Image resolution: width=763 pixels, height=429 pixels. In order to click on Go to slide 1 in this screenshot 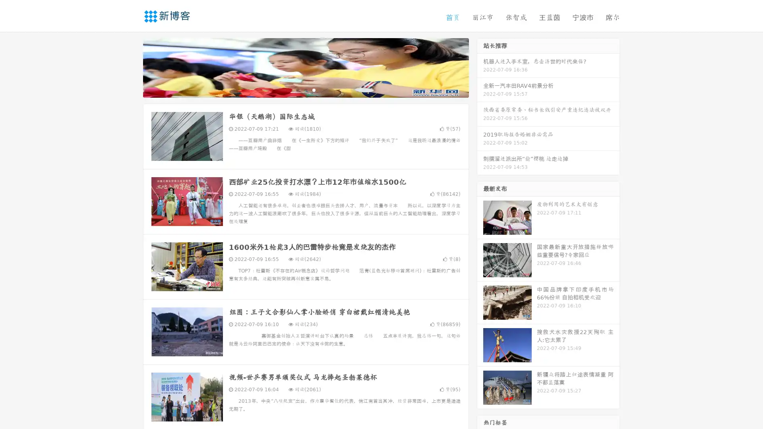, I will do `click(297, 89)`.